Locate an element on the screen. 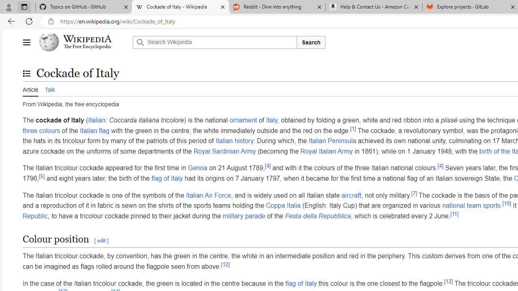 Image resolution: width=518 pixels, height=291 pixels. 'Article' is located at coordinates (30, 89).